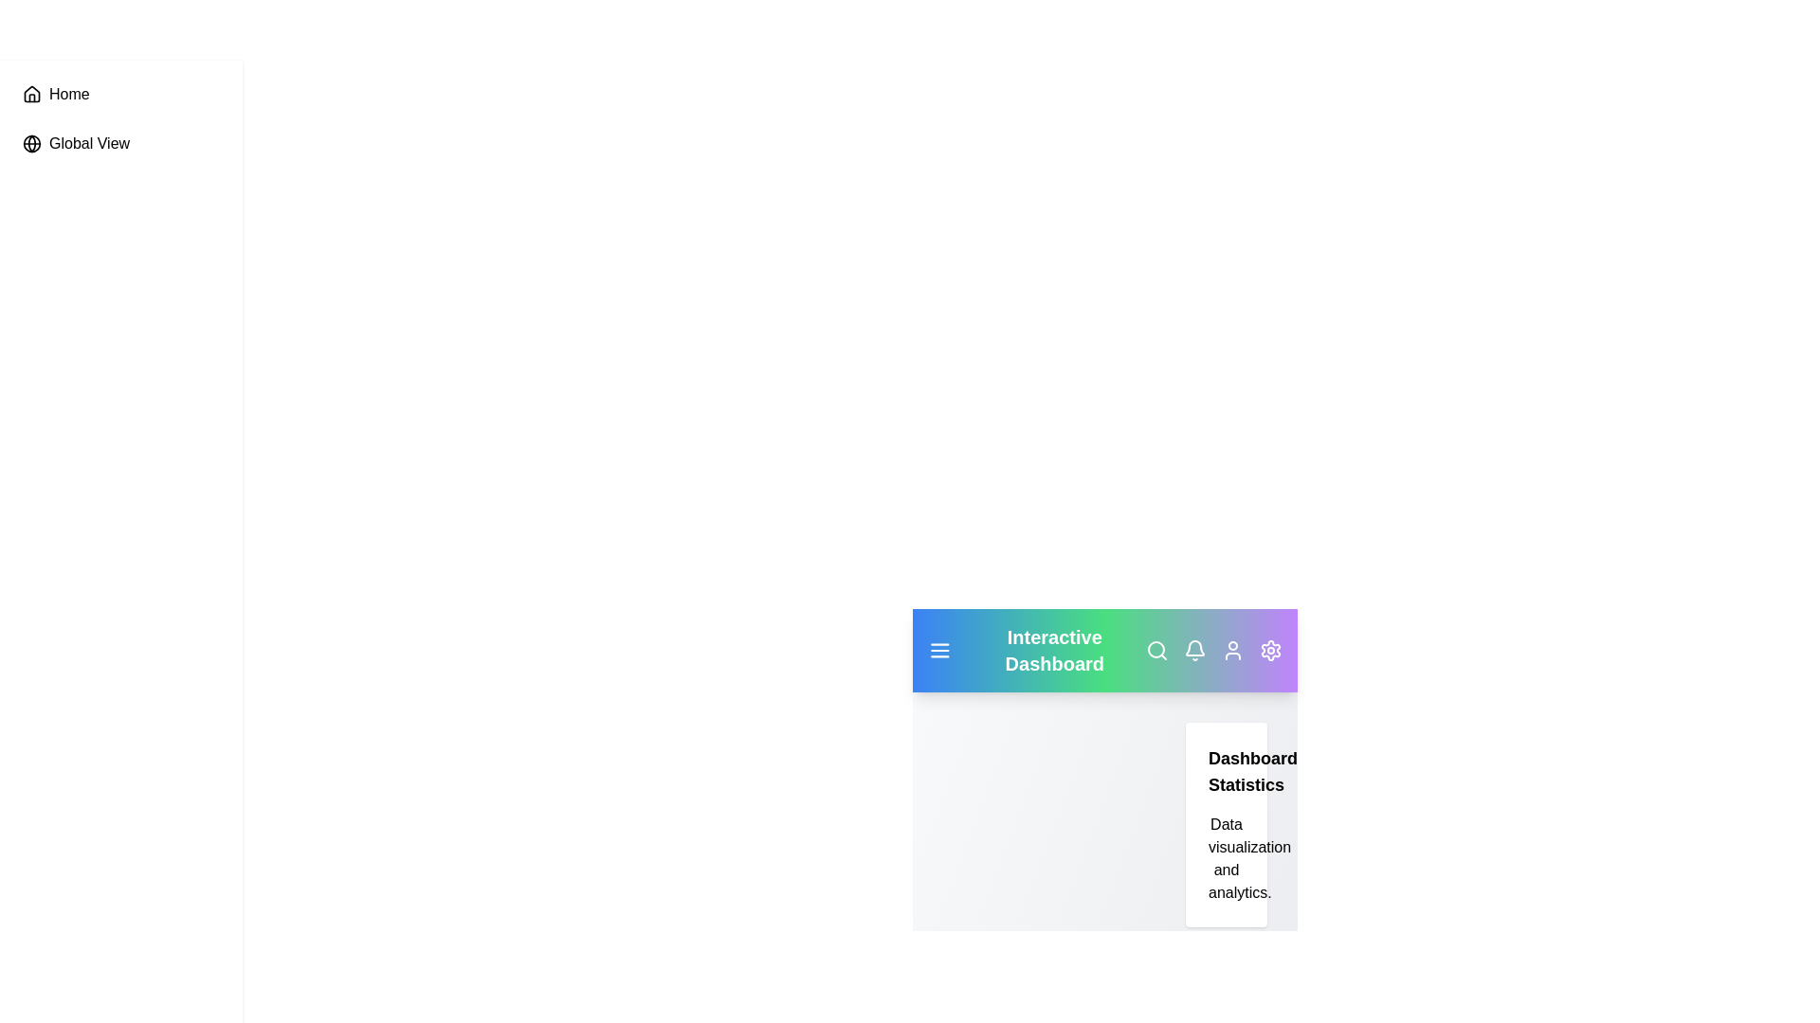  What do you see at coordinates (1232, 649) in the screenshot?
I see `the user icon to access user settings` at bounding box center [1232, 649].